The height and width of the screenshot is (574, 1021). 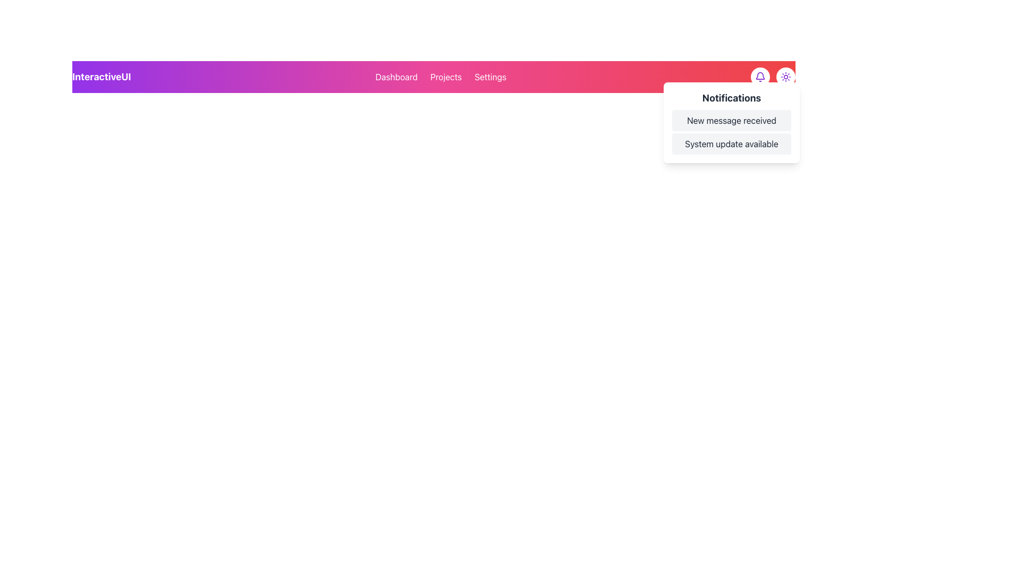 I want to click on the 'Settings' navigation link in the top navigation bar, so click(x=490, y=77).